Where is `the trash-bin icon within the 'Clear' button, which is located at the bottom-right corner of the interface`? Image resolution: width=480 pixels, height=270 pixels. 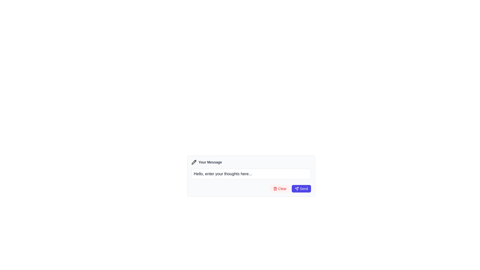
the trash-bin icon within the 'Clear' button, which is located at the bottom-right corner of the interface is located at coordinates (275, 189).